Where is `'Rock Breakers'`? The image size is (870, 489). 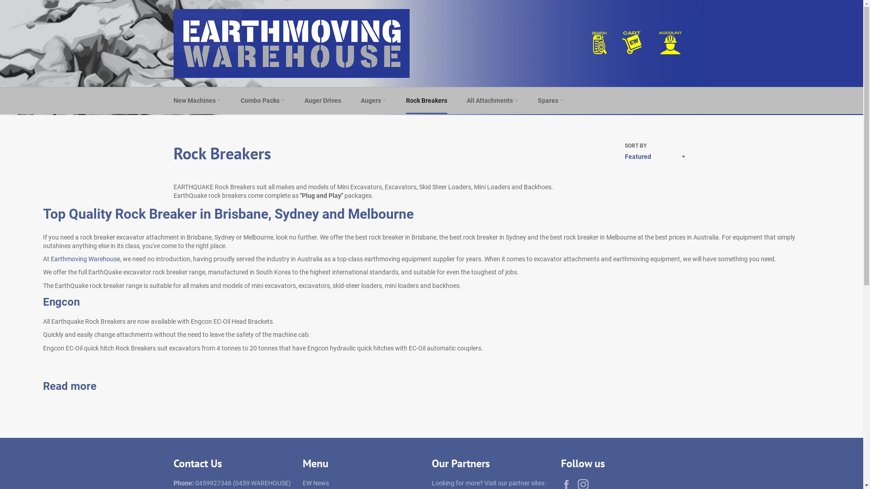
'Rock Breakers' is located at coordinates (426, 101).